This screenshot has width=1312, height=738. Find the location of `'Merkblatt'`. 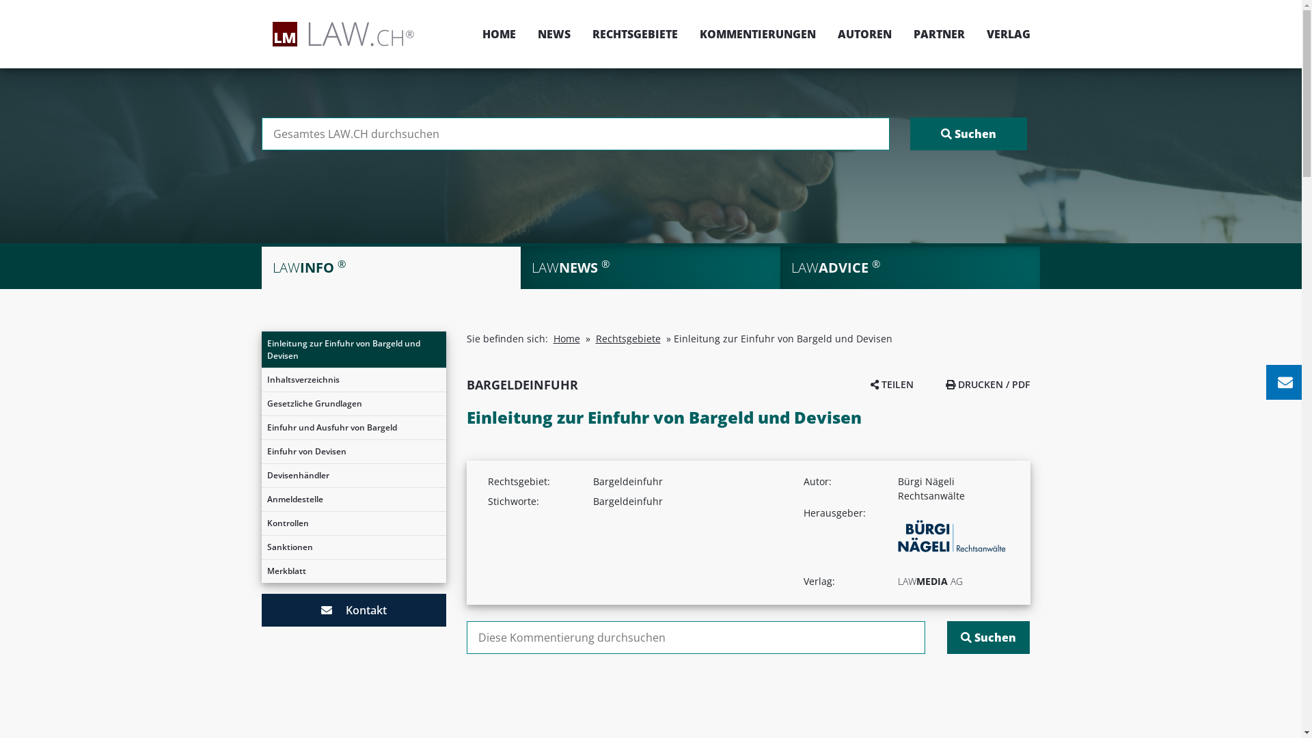

'Merkblatt' is located at coordinates (353, 571).